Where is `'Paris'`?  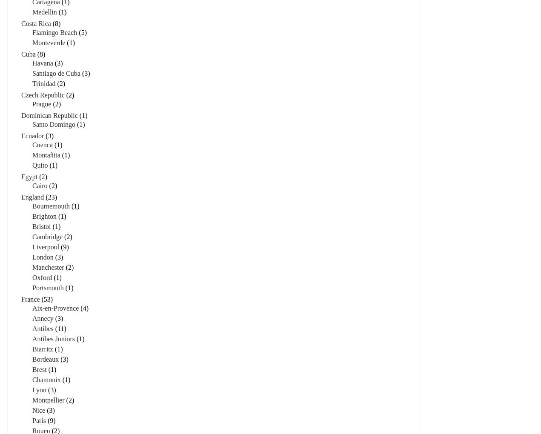 'Paris' is located at coordinates (32, 420).